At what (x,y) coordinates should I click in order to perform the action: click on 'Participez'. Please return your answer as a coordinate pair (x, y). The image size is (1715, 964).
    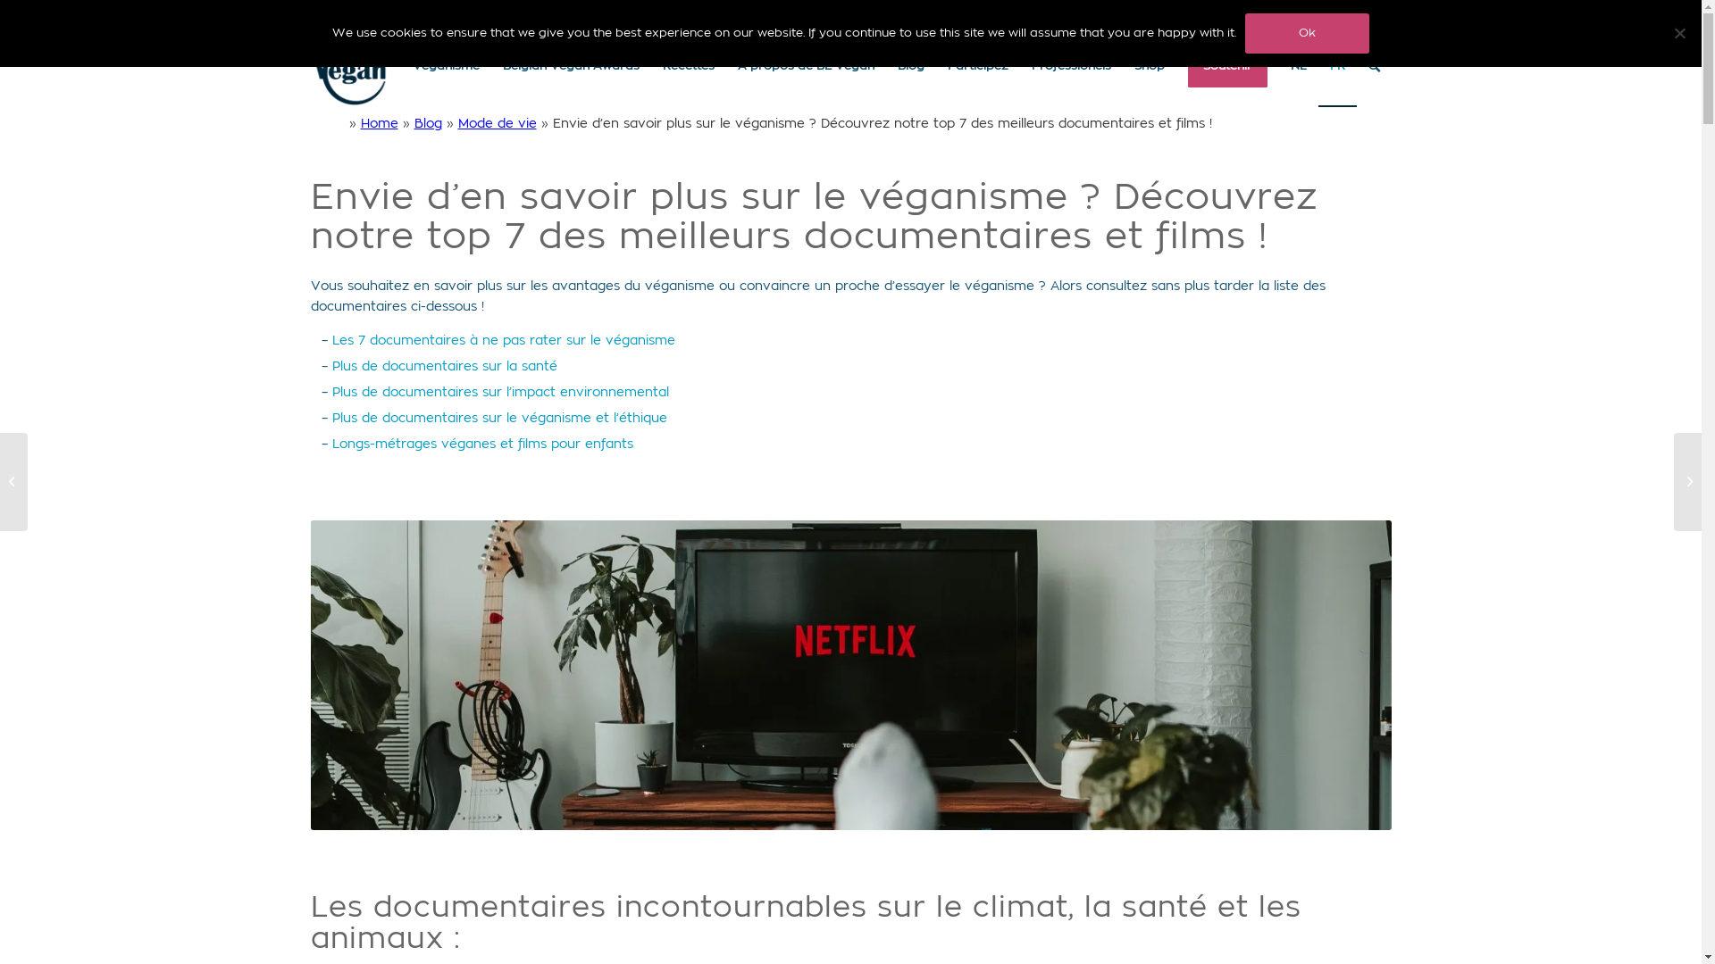
    Looking at the image, I should click on (934, 65).